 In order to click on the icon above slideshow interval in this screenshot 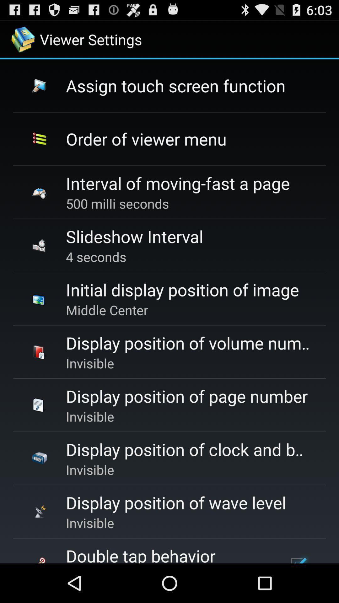, I will do `click(117, 204)`.